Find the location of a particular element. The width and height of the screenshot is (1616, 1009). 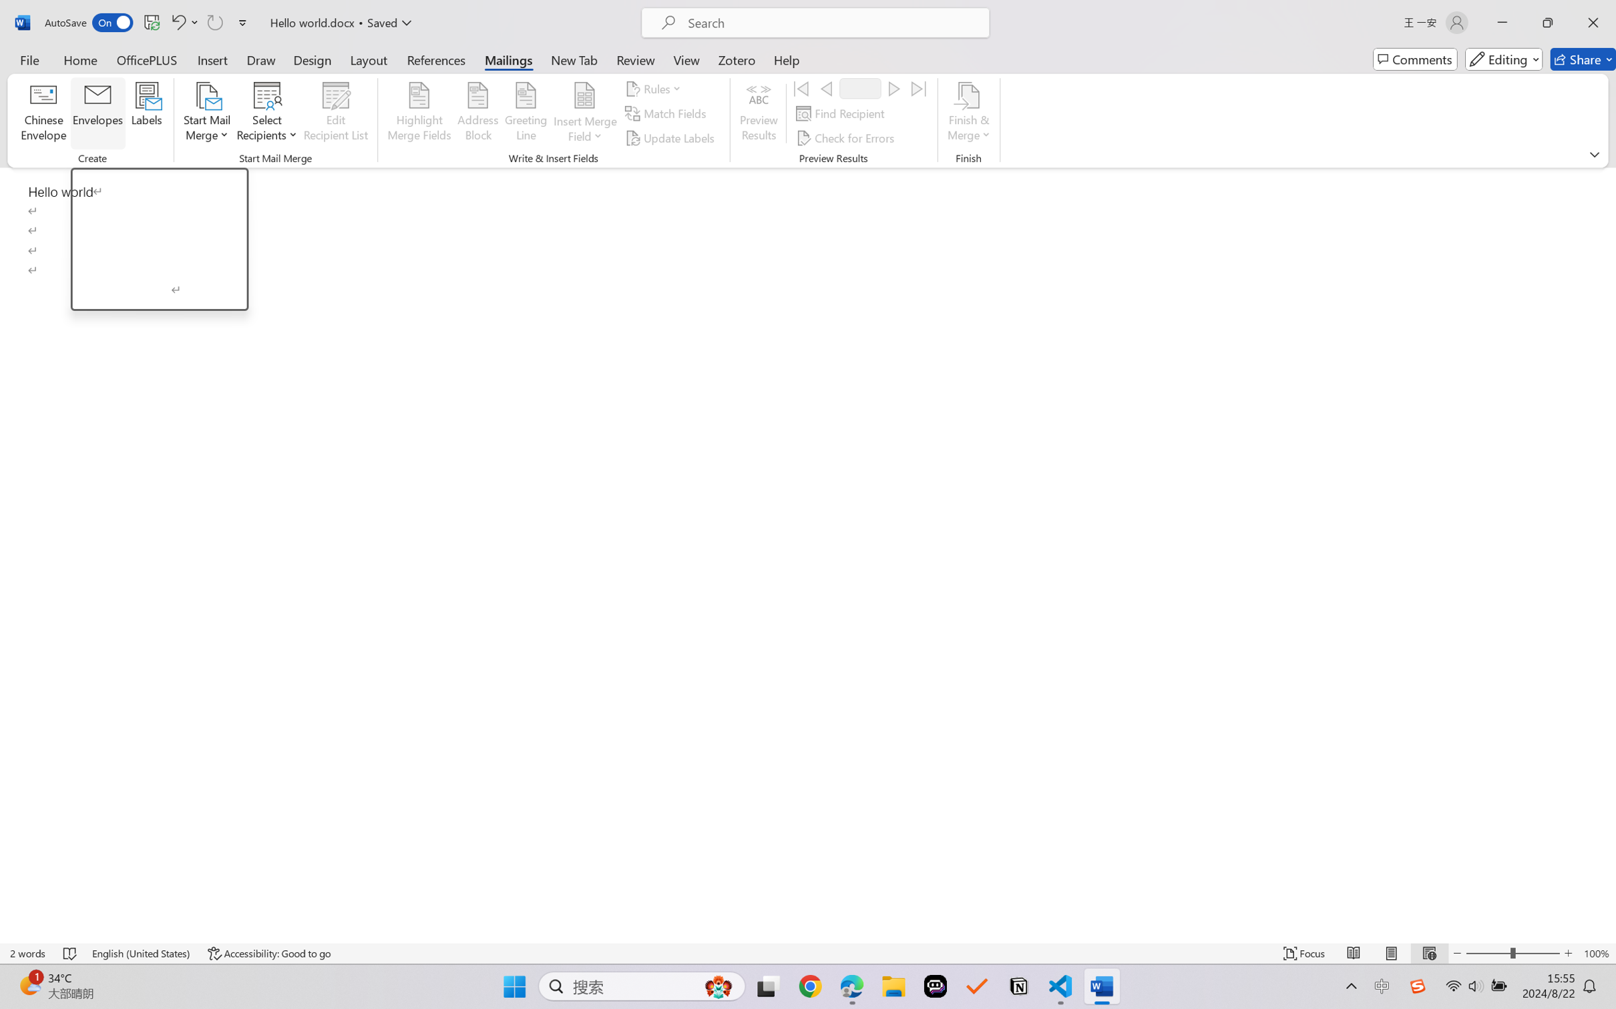

'Minimize' is located at coordinates (1502, 22).